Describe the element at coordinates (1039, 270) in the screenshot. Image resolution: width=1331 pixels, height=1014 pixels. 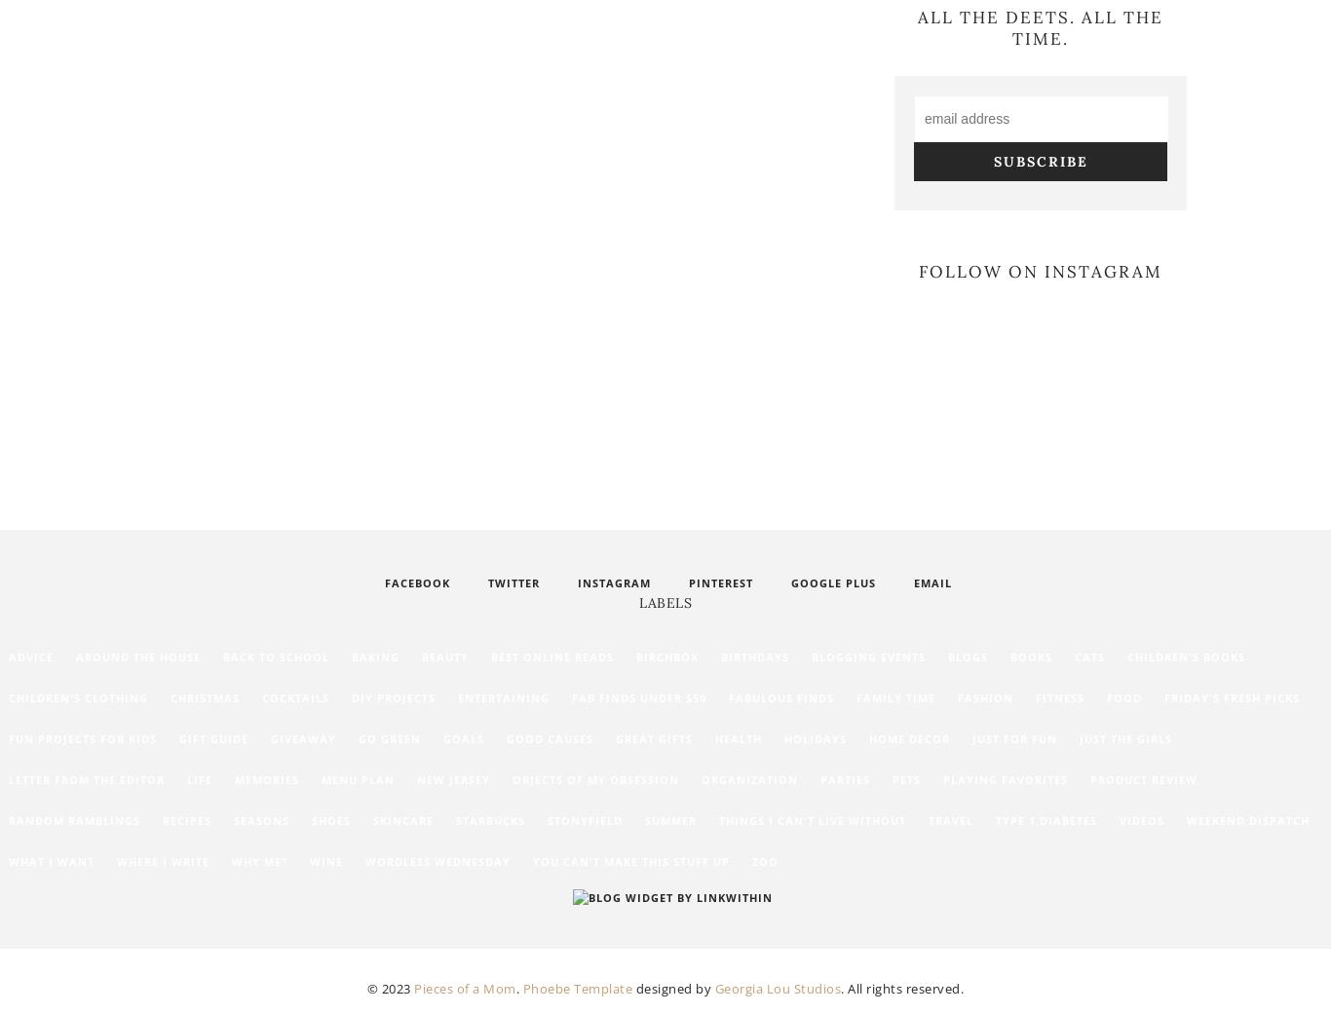
I see `'Follow on Instagram'` at that location.